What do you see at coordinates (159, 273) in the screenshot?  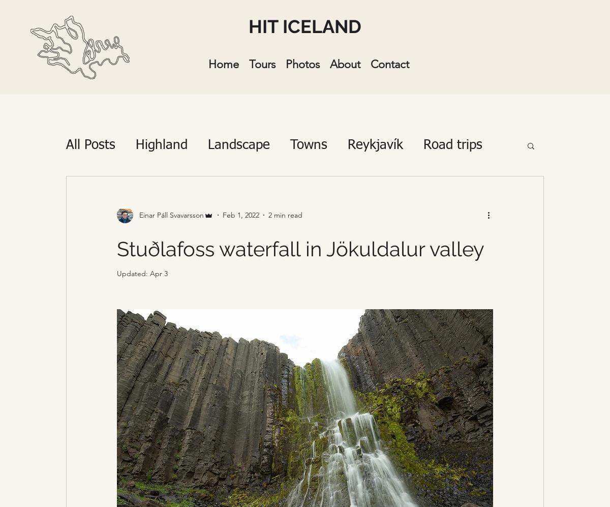 I see `'Apr 3'` at bounding box center [159, 273].